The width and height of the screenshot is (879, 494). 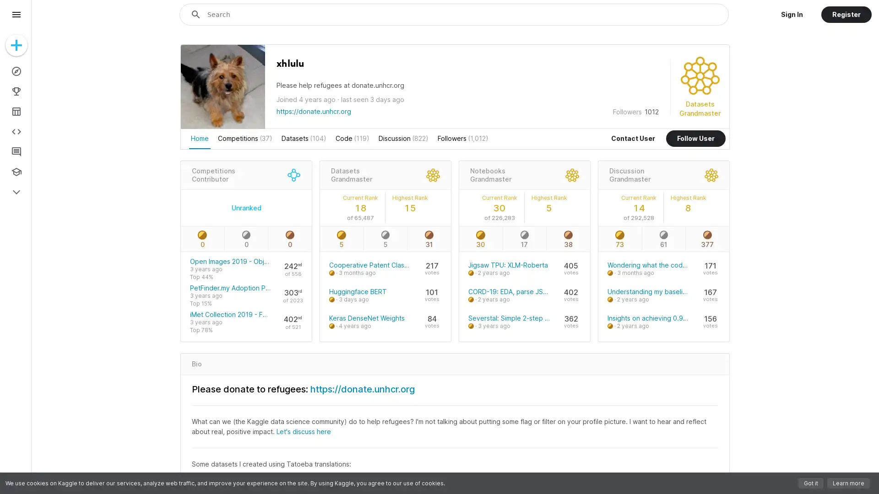 What do you see at coordinates (16, 14) in the screenshot?
I see `menu` at bounding box center [16, 14].